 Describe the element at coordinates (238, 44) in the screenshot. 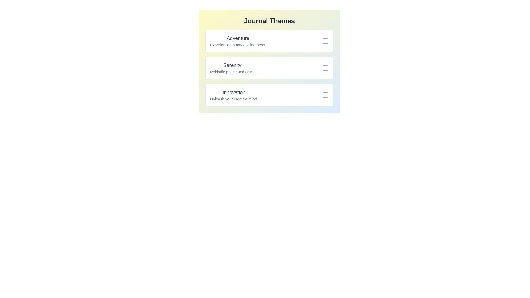

I see `the static text label that reads 'Experience untamed wilderness.' which is located beneath the 'Adventure' heading in the 'Journal Themes' section` at that location.